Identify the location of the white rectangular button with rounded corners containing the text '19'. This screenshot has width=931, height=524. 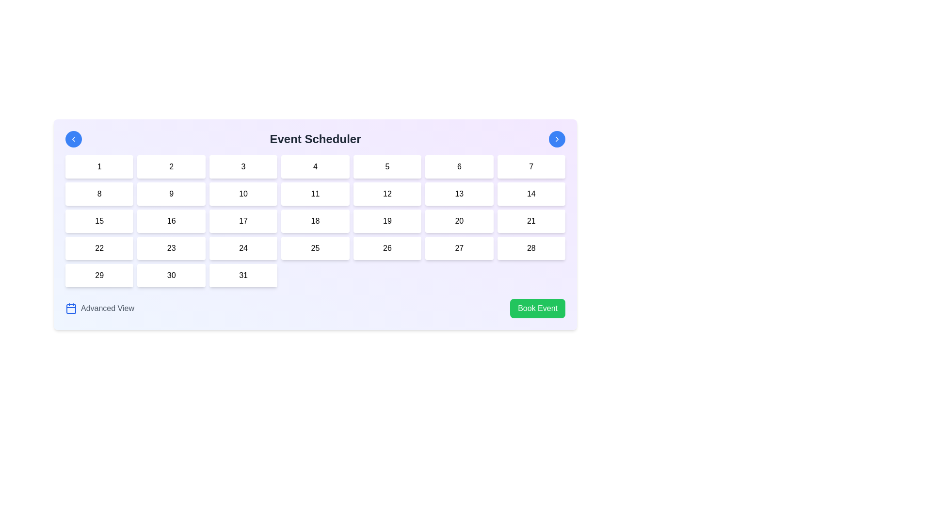
(386, 221).